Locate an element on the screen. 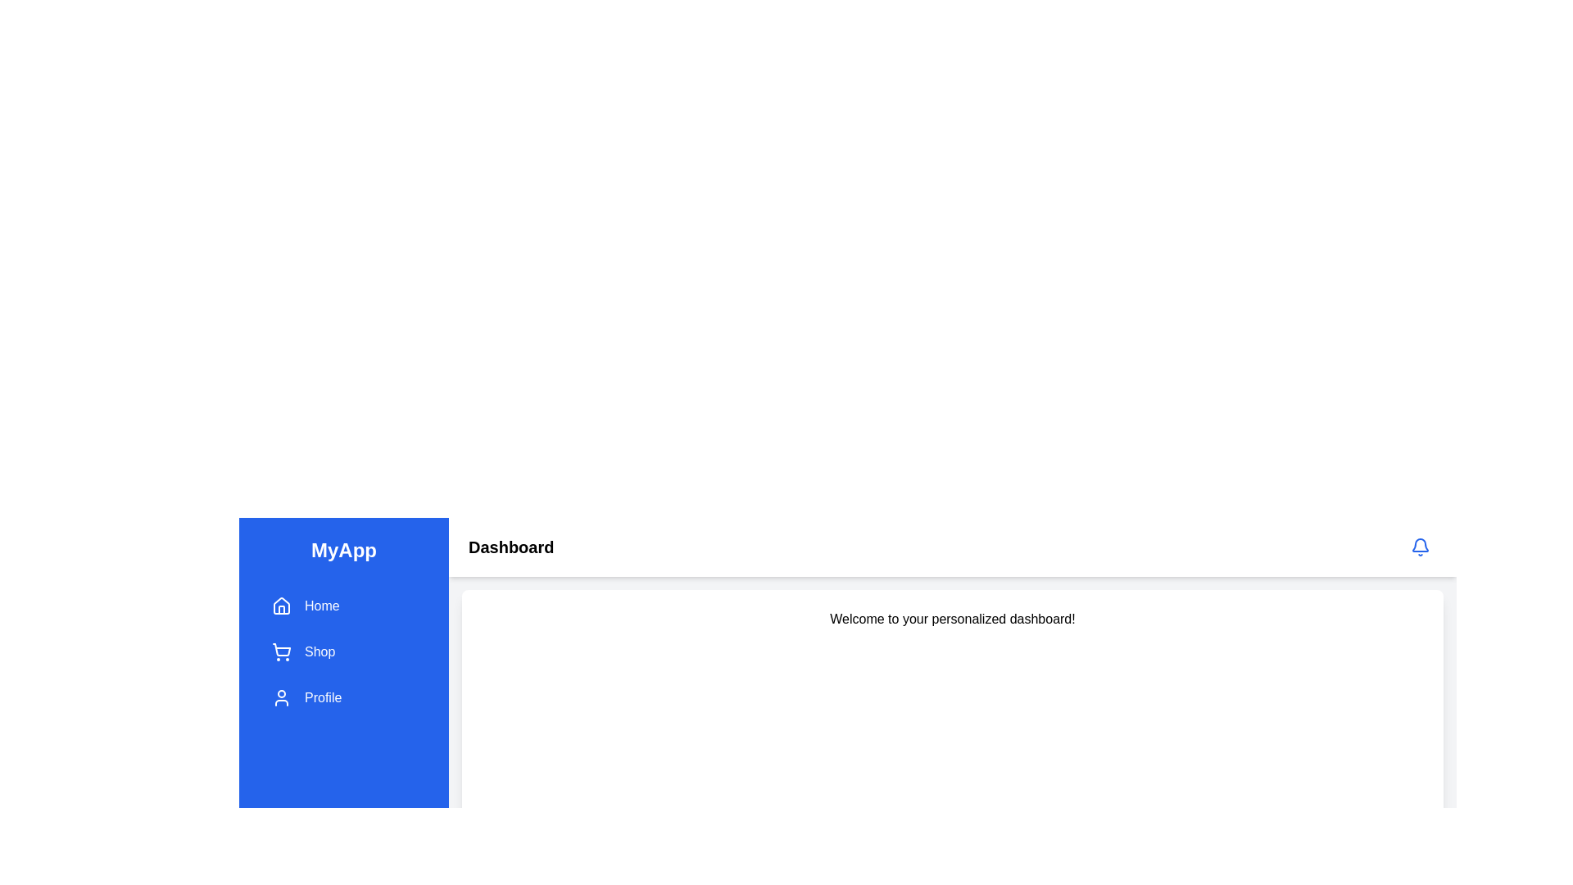  the 'Shop' button located in the left sidebar, which is the second menu item below 'Home' and above 'Profile' is located at coordinates (343, 651).